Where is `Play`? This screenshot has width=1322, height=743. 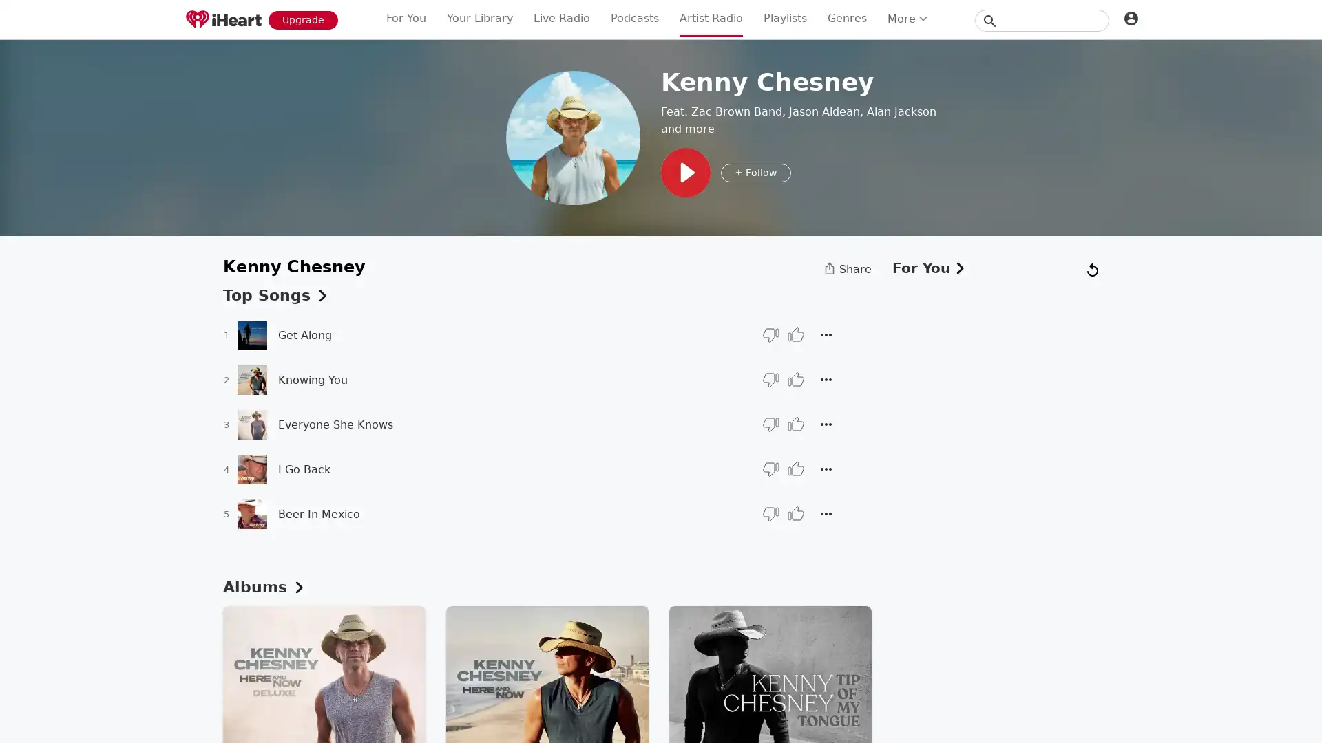
Play is located at coordinates (251, 513).